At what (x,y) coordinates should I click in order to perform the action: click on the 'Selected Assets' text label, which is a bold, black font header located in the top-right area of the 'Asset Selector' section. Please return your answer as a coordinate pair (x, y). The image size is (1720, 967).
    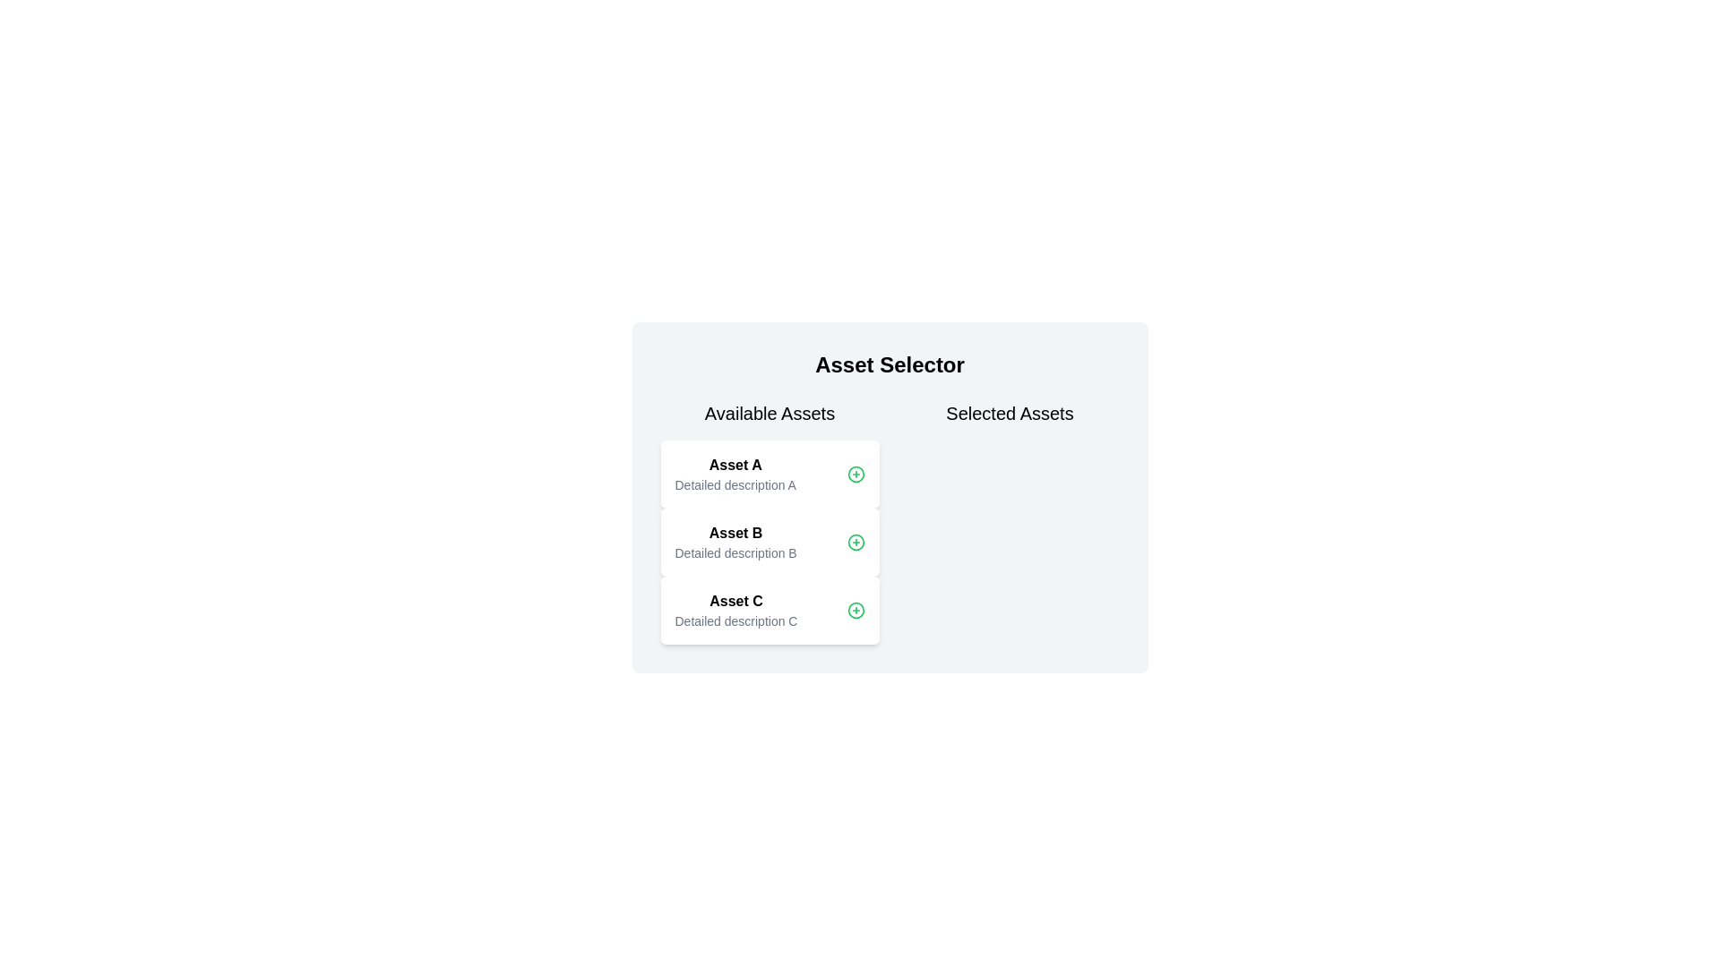
    Looking at the image, I should click on (1010, 414).